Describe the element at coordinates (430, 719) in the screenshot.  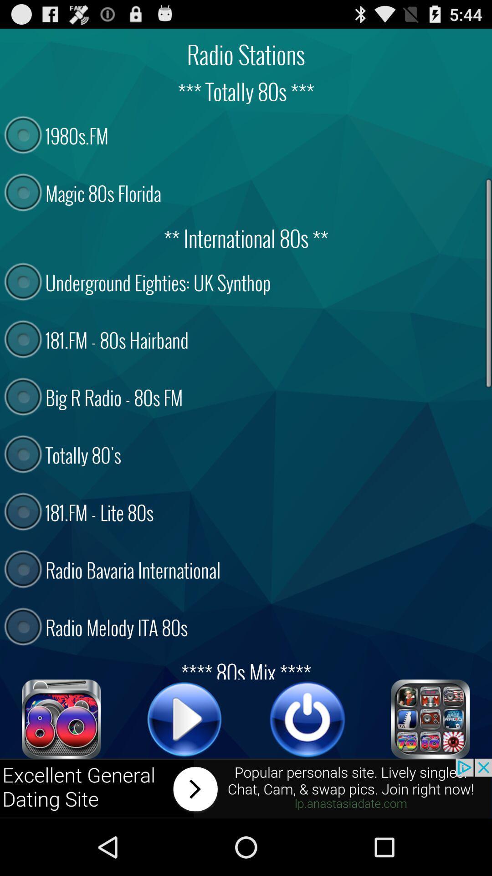
I see `menu` at that location.